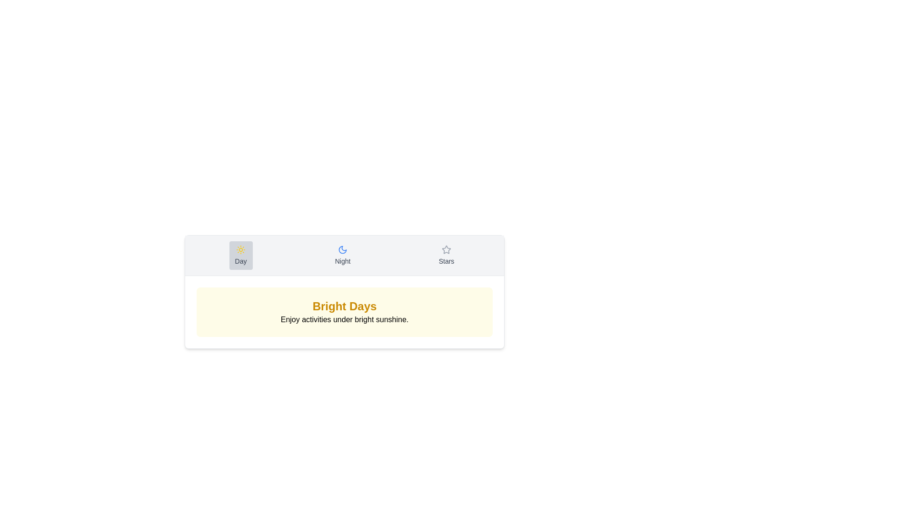  What do you see at coordinates (241, 255) in the screenshot?
I see `the tab labeled Day` at bounding box center [241, 255].